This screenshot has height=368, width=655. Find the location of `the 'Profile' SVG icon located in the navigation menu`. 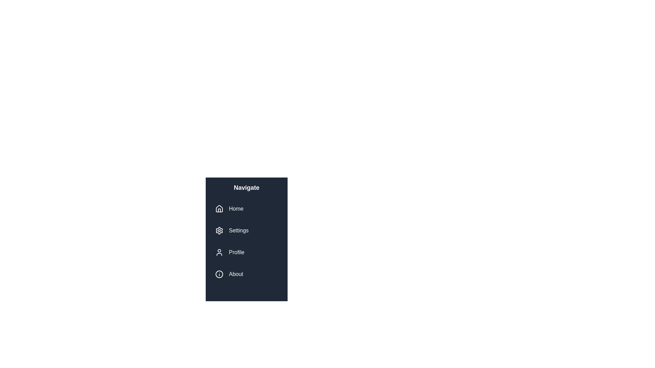

the 'Profile' SVG icon located in the navigation menu is located at coordinates (219, 252).